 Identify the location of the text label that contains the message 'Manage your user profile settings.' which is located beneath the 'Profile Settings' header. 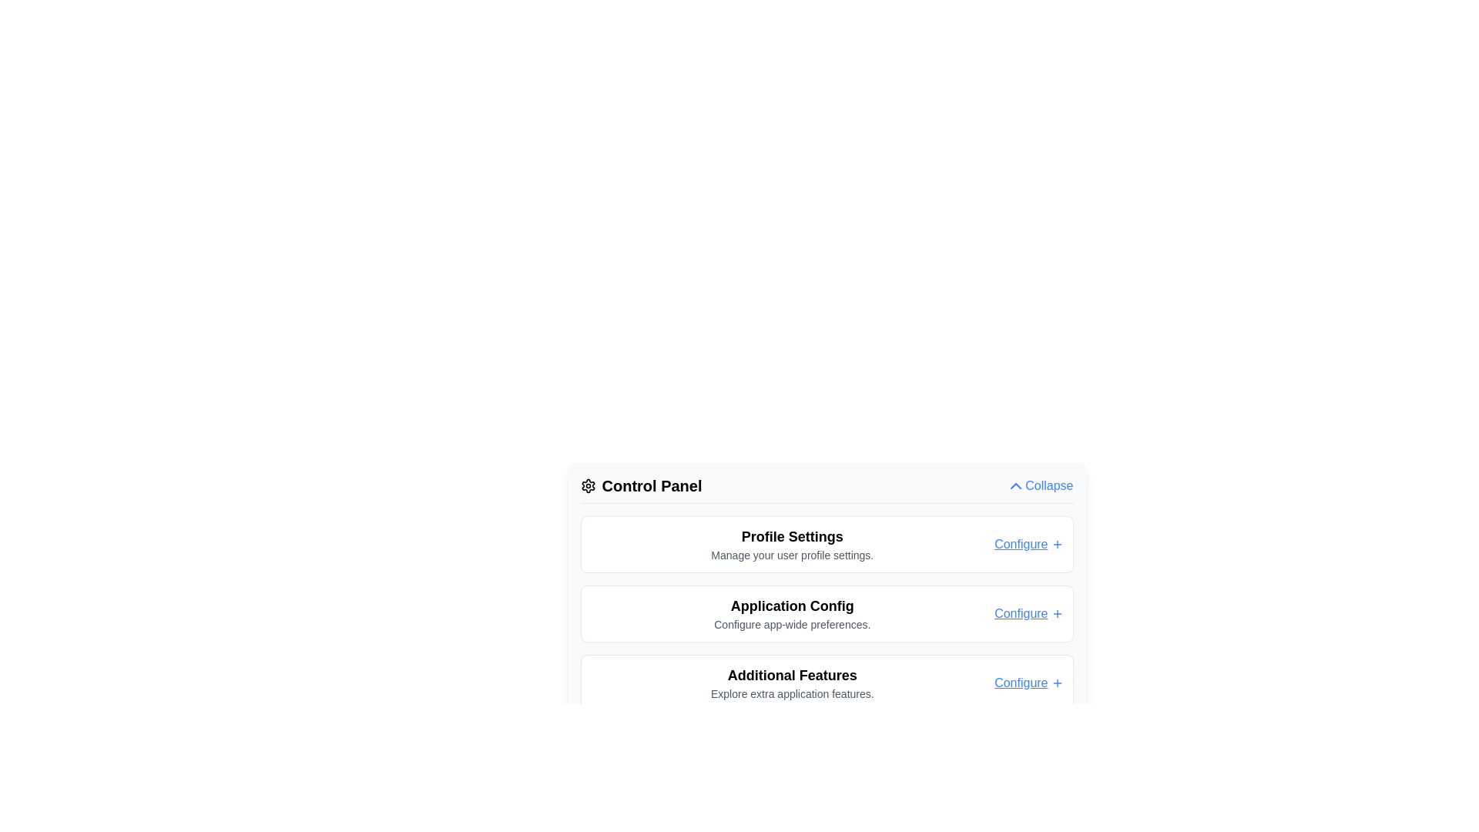
(792, 555).